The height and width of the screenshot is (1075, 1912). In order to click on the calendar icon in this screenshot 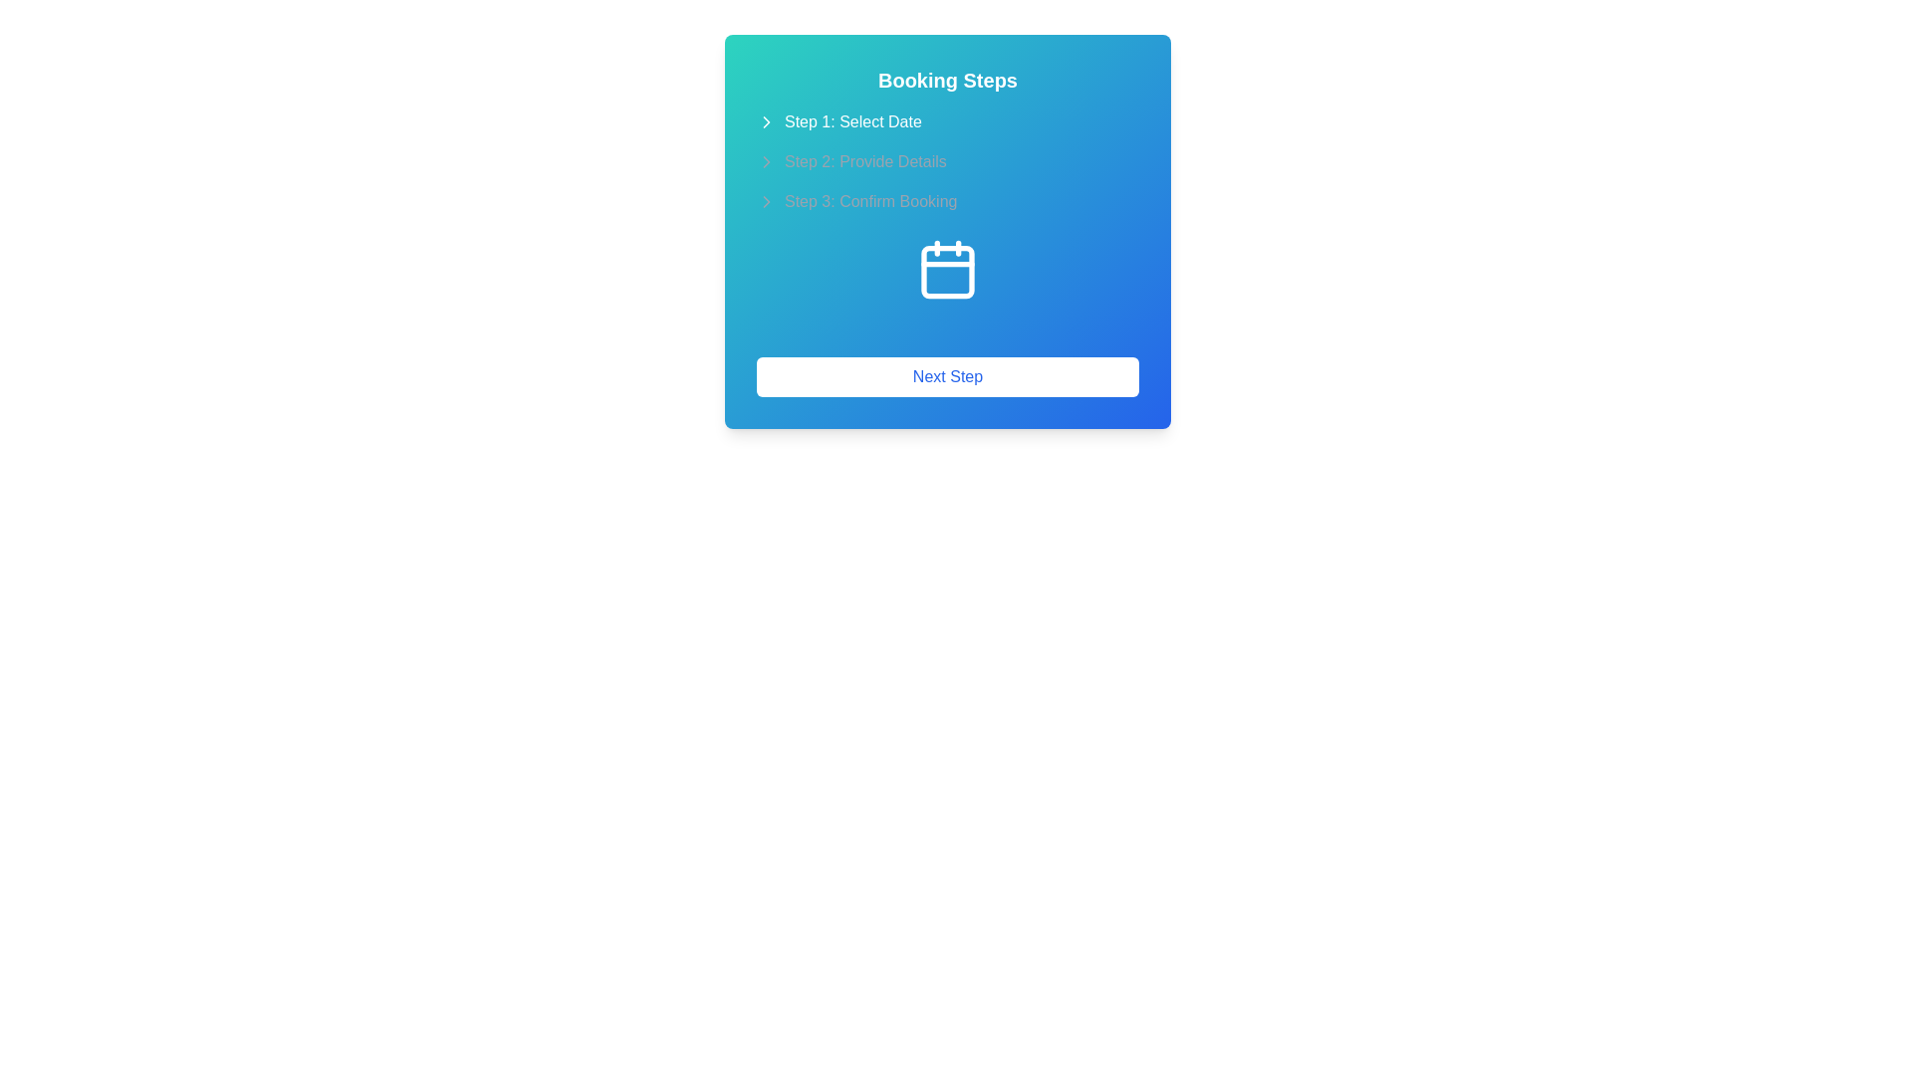, I will do `click(946, 269)`.